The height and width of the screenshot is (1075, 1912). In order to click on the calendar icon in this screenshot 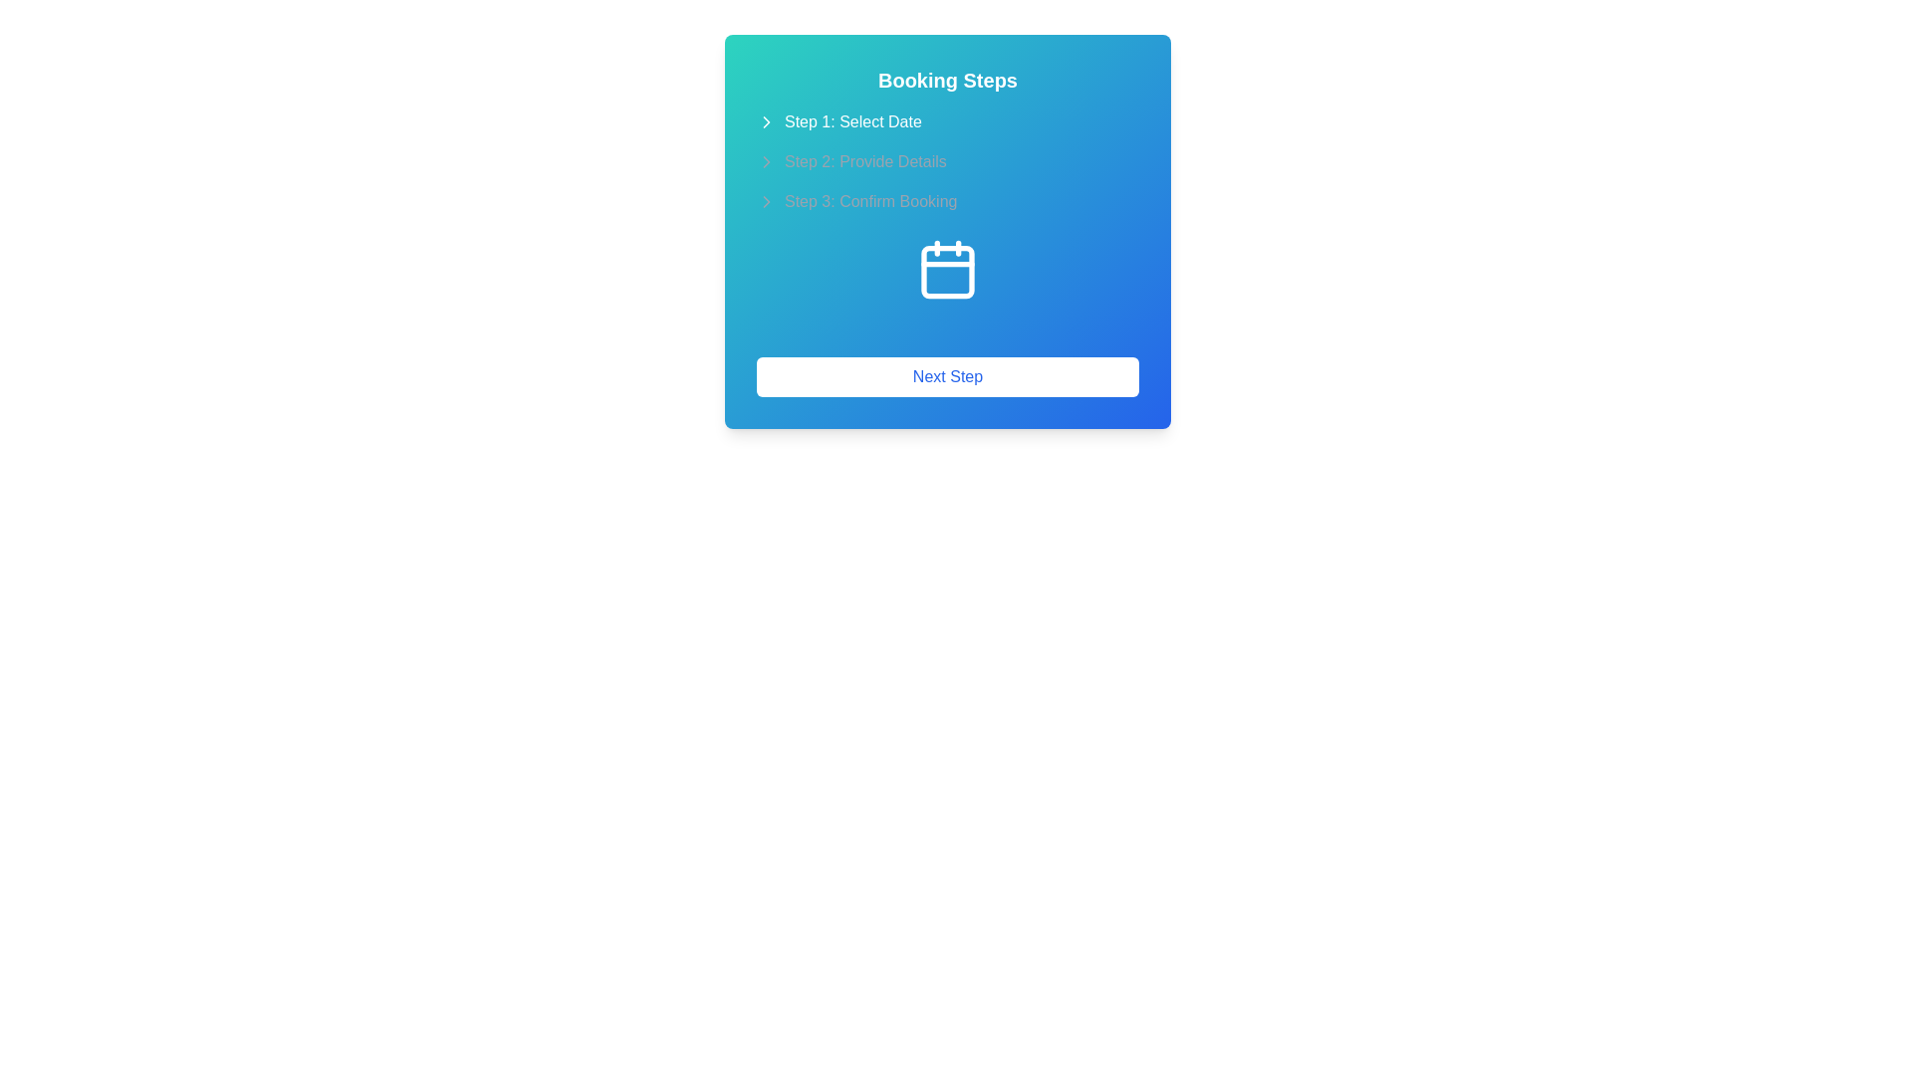, I will do `click(946, 269)`.